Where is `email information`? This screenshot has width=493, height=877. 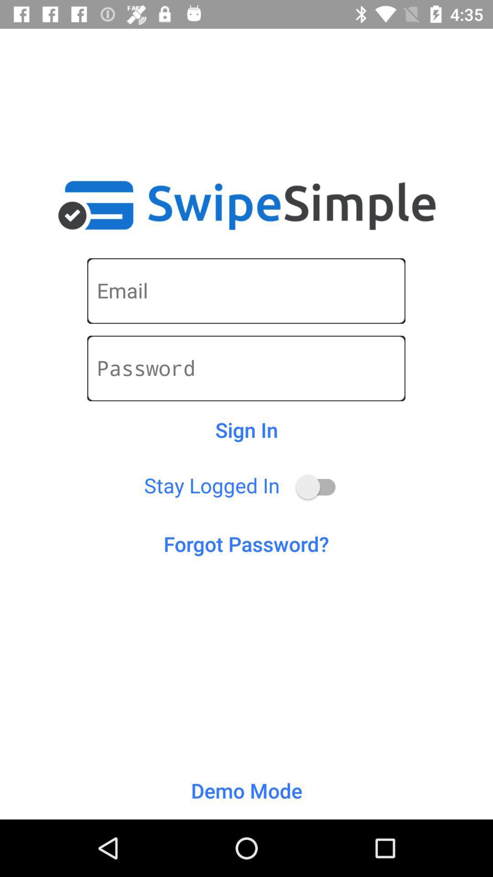
email information is located at coordinates (246, 291).